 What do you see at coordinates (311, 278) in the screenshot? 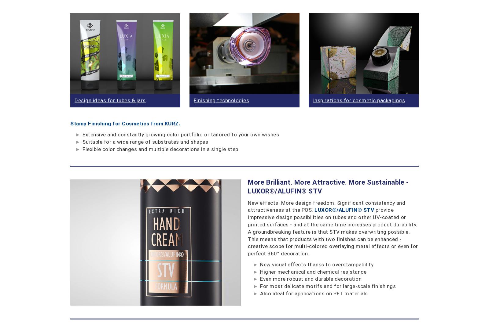
I see `'Even more robust and durable decoration'` at bounding box center [311, 278].